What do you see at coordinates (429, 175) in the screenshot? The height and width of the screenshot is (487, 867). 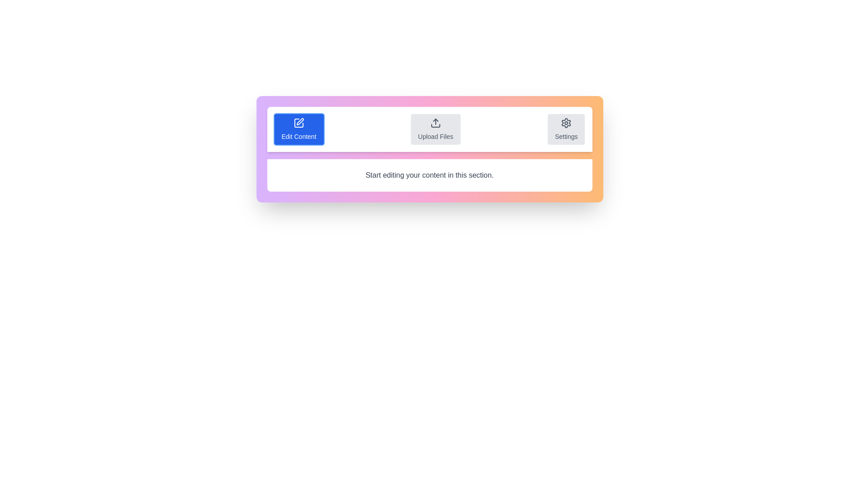 I see `the static text label displaying the message 'Start editing your content in this section.' which is centrally positioned below the buttons in a light background box` at bounding box center [429, 175].